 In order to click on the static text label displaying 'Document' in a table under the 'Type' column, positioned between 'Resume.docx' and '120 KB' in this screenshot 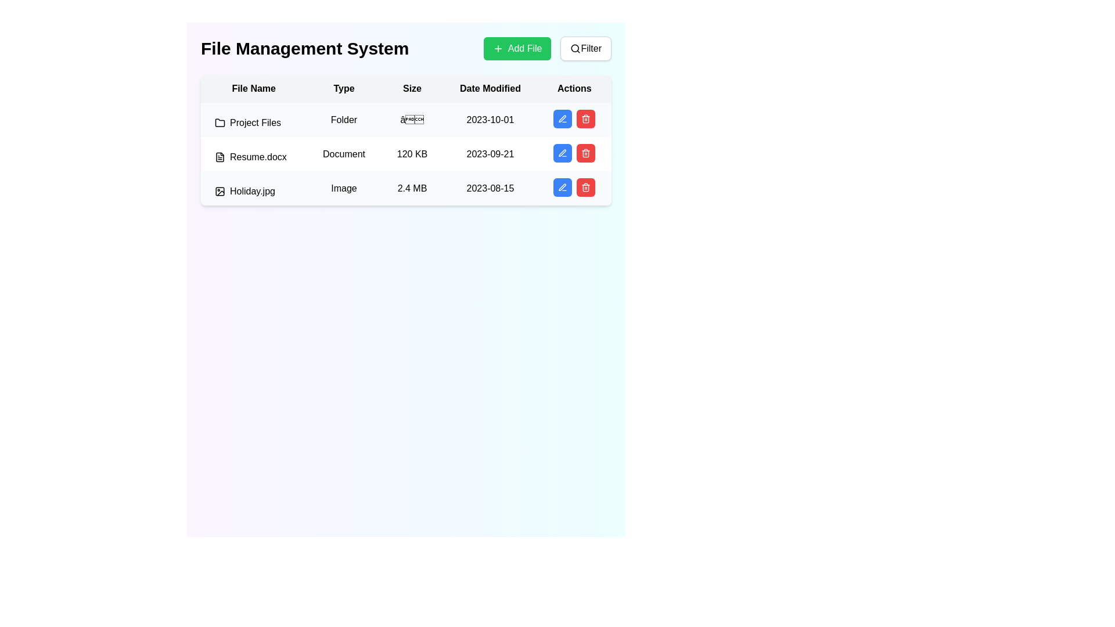, I will do `click(343, 153)`.